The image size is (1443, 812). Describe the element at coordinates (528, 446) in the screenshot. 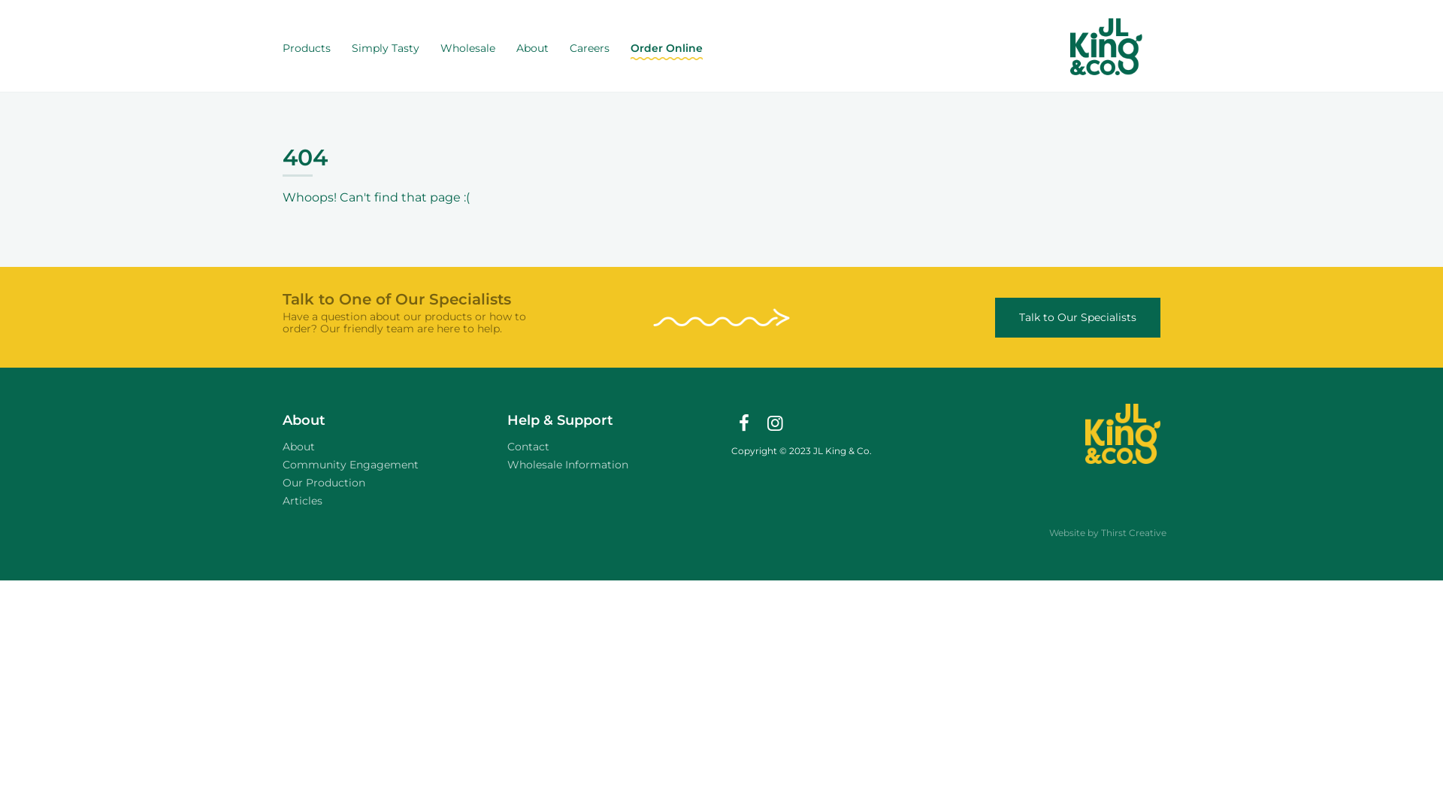

I see `'Contact'` at that location.